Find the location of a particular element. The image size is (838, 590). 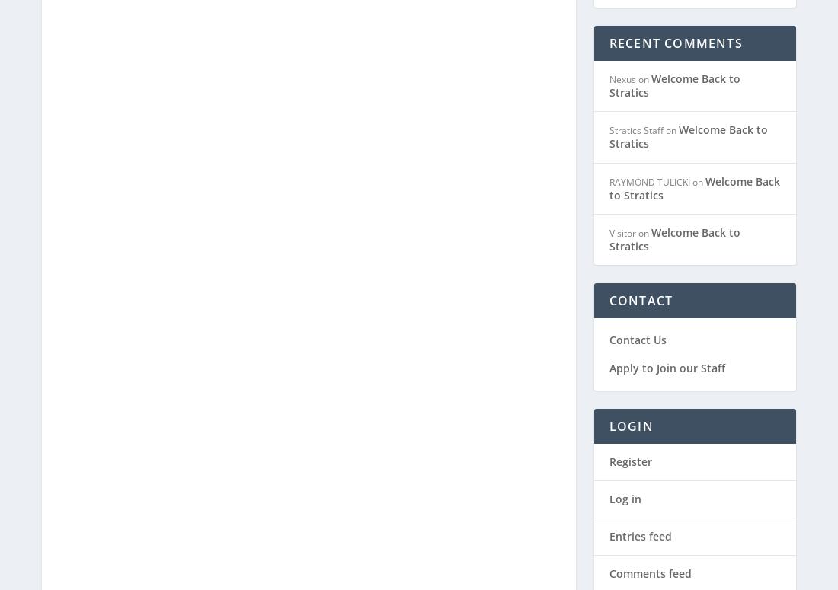

'Register' is located at coordinates (609, 377).